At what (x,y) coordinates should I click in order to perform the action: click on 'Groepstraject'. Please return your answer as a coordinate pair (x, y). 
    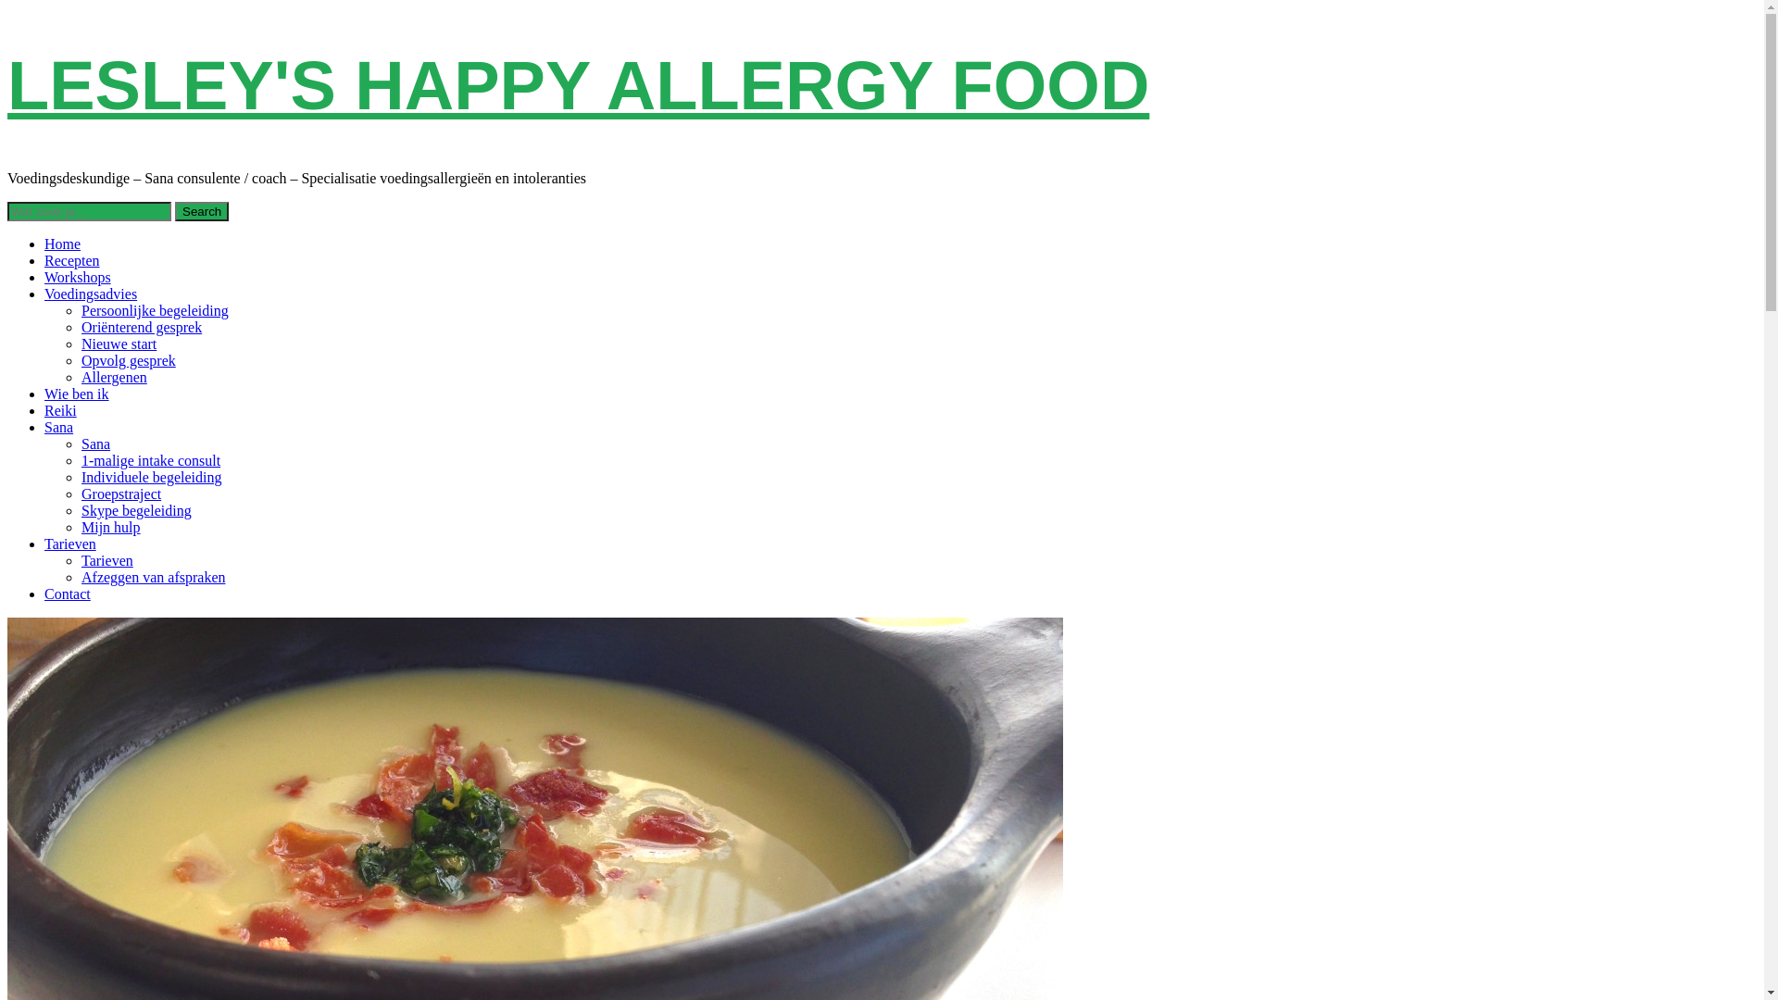
    Looking at the image, I should click on (80, 493).